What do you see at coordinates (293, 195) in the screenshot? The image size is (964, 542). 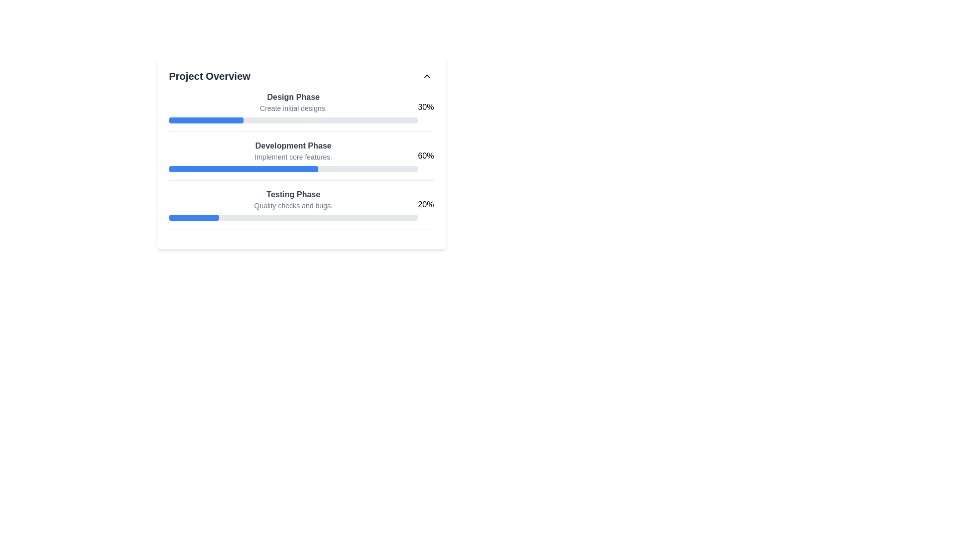 I see `bold text label that reads 'Testing Phase', which is the primary heading in its section` at bounding box center [293, 195].